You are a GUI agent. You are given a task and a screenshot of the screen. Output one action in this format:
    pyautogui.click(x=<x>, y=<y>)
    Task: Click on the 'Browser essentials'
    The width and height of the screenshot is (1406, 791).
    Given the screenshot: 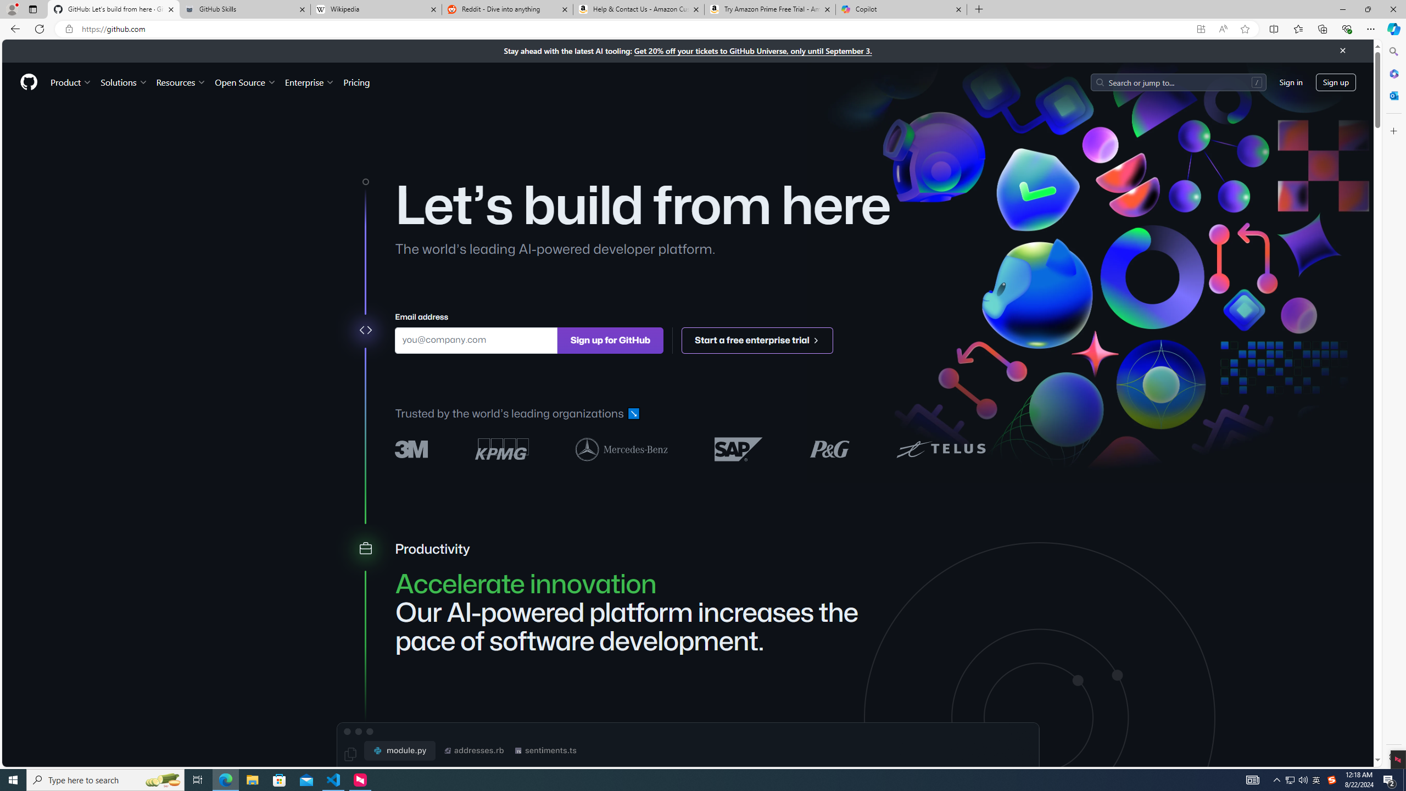 What is the action you would take?
    pyautogui.click(x=1346, y=28)
    